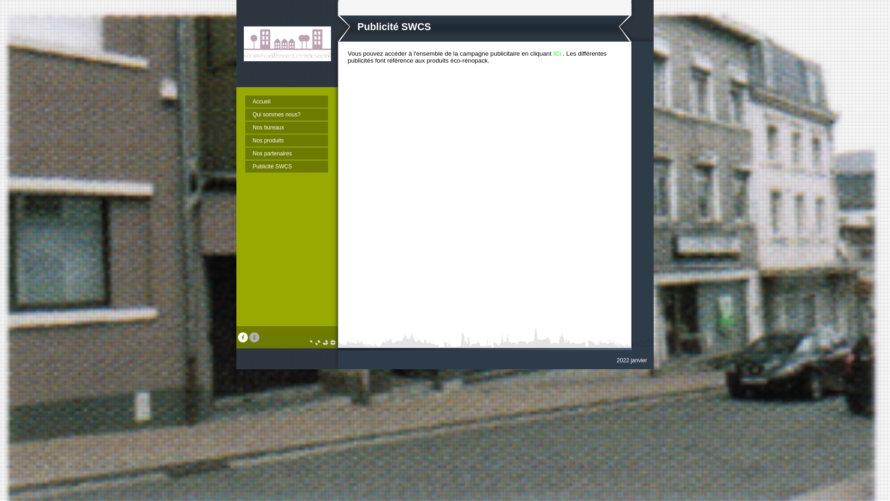  Describe the element at coordinates (286, 114) in the screenshot. I see `'Qui sommes nous?'` at that location.